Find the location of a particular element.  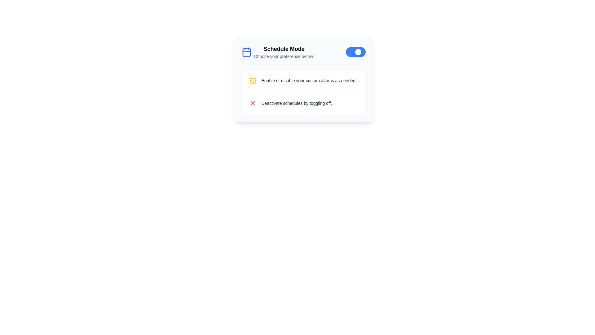

the text header of the Composite element, which includes a toggle switch, to trigger a tooltip if implemented is located at coordinates (303, 52).